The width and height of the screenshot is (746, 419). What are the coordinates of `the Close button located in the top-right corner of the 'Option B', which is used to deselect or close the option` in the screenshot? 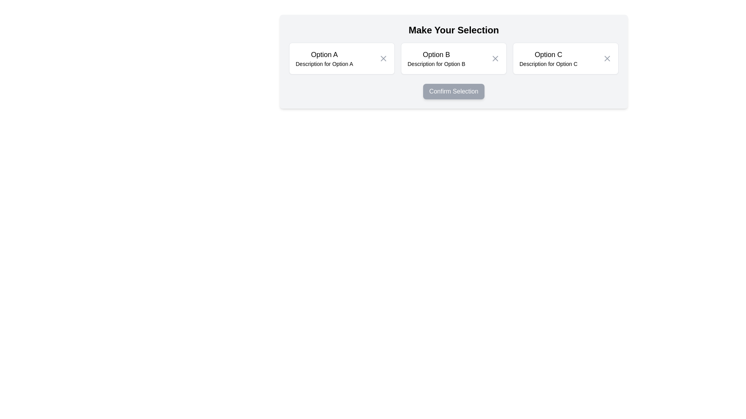 It's located at (495, 58).